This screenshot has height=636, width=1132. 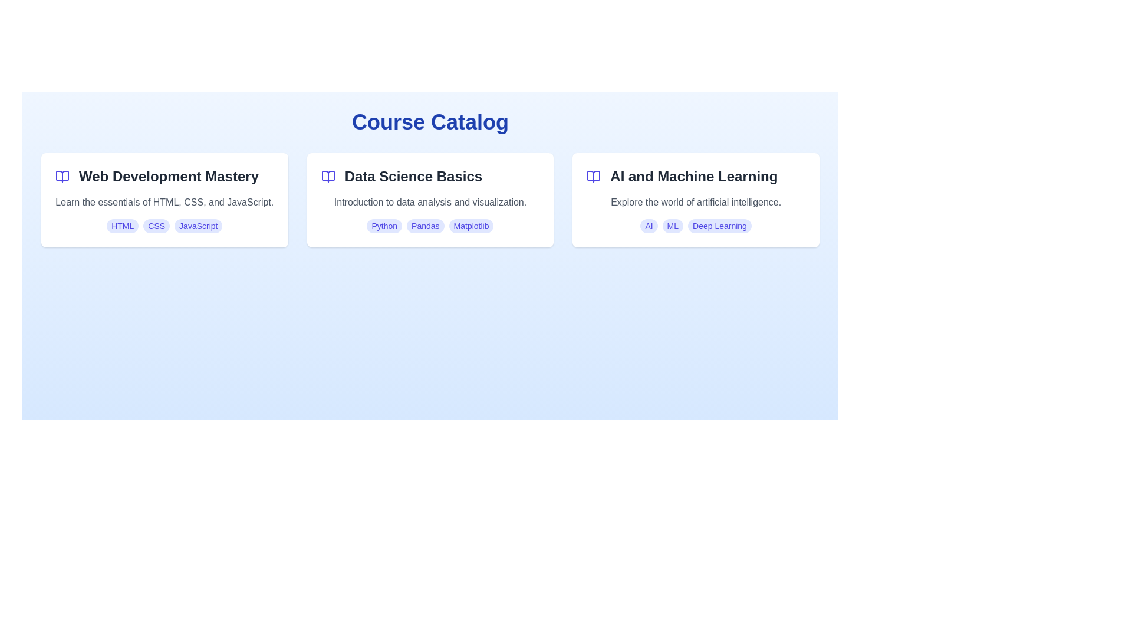 What do you see at coordinates (694, 177) in the screenshot?
I see `the content category` at bounding box center [694, 177].